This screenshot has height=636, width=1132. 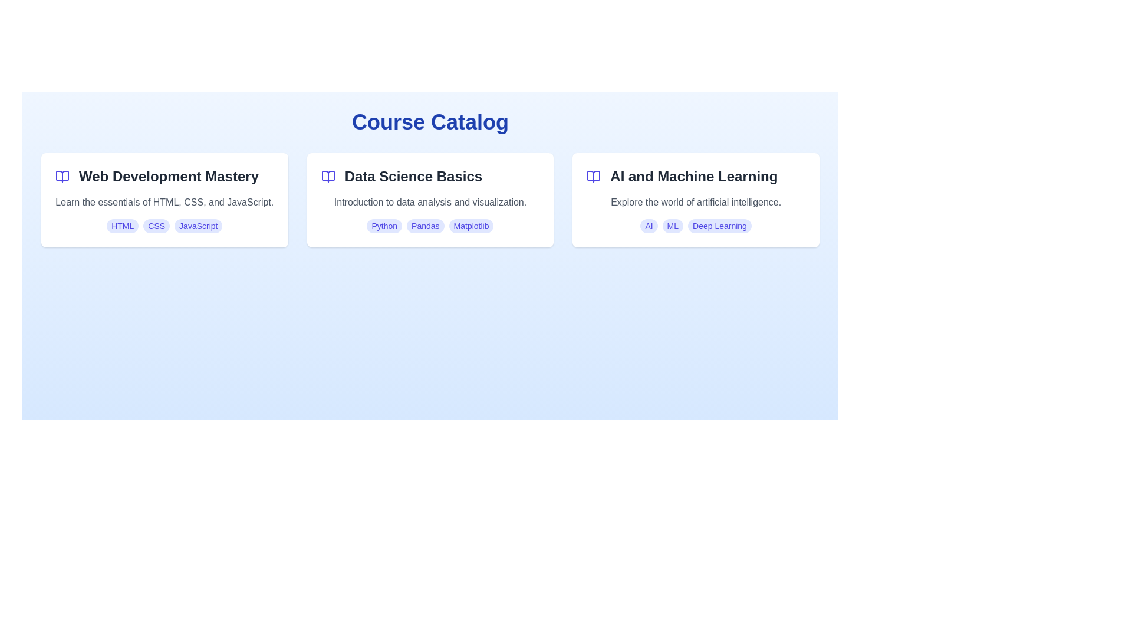 What do you see at coordinates (694, 177) in the screenshot?
I see `the content category` at bounding box center [694, 177].